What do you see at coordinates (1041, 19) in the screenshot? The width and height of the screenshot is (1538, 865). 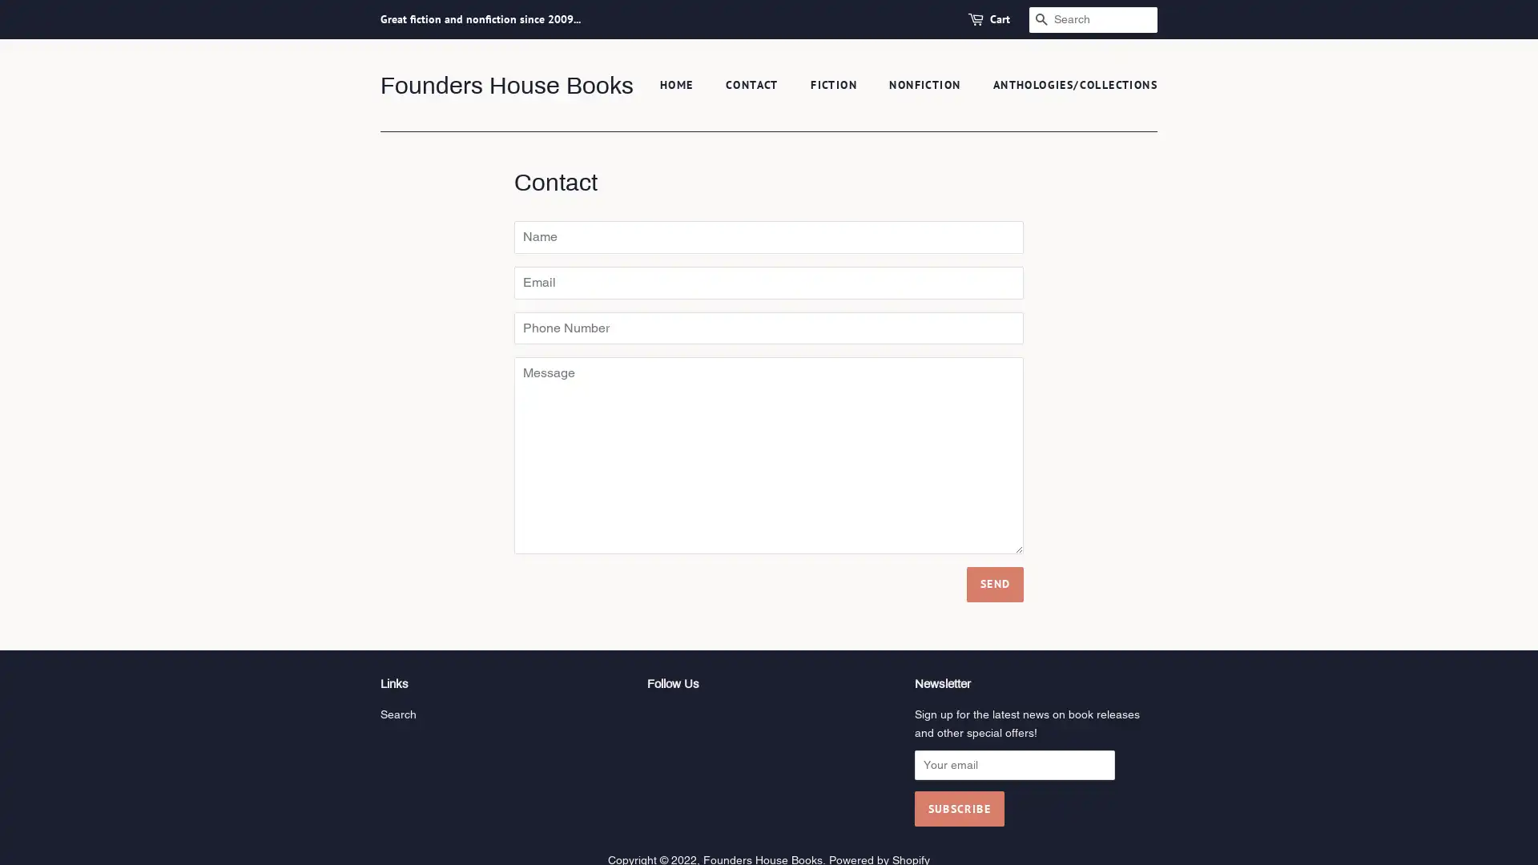 I see `SEARCH` at bounding box center [1041, 19].